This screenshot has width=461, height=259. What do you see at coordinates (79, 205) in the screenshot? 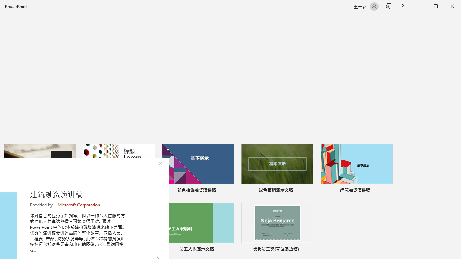
I see `'Microsoft Corporation'` at bounding box center [79, 205].